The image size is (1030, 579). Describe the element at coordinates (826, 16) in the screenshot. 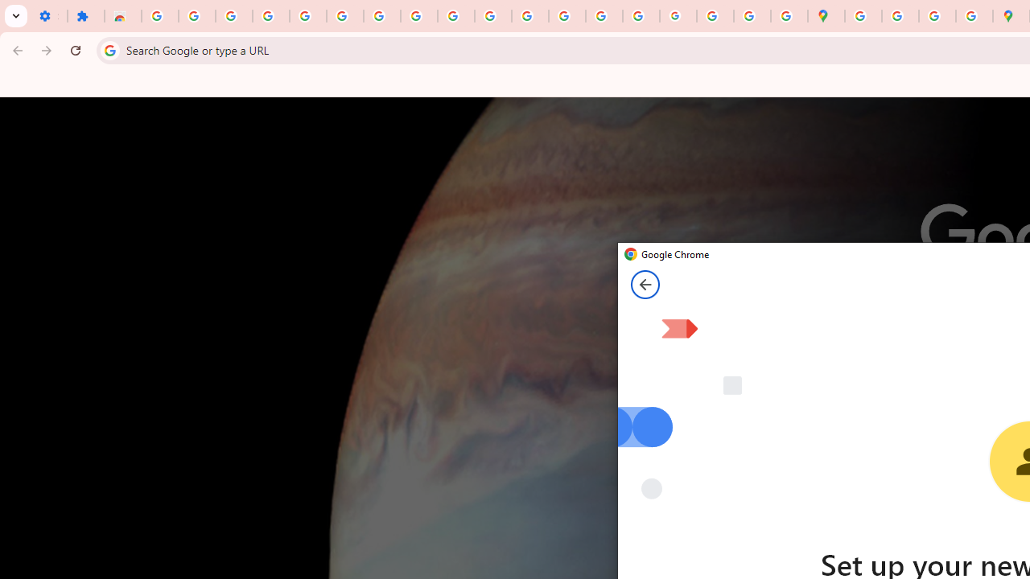

I see `'Google Maps'` at that location.